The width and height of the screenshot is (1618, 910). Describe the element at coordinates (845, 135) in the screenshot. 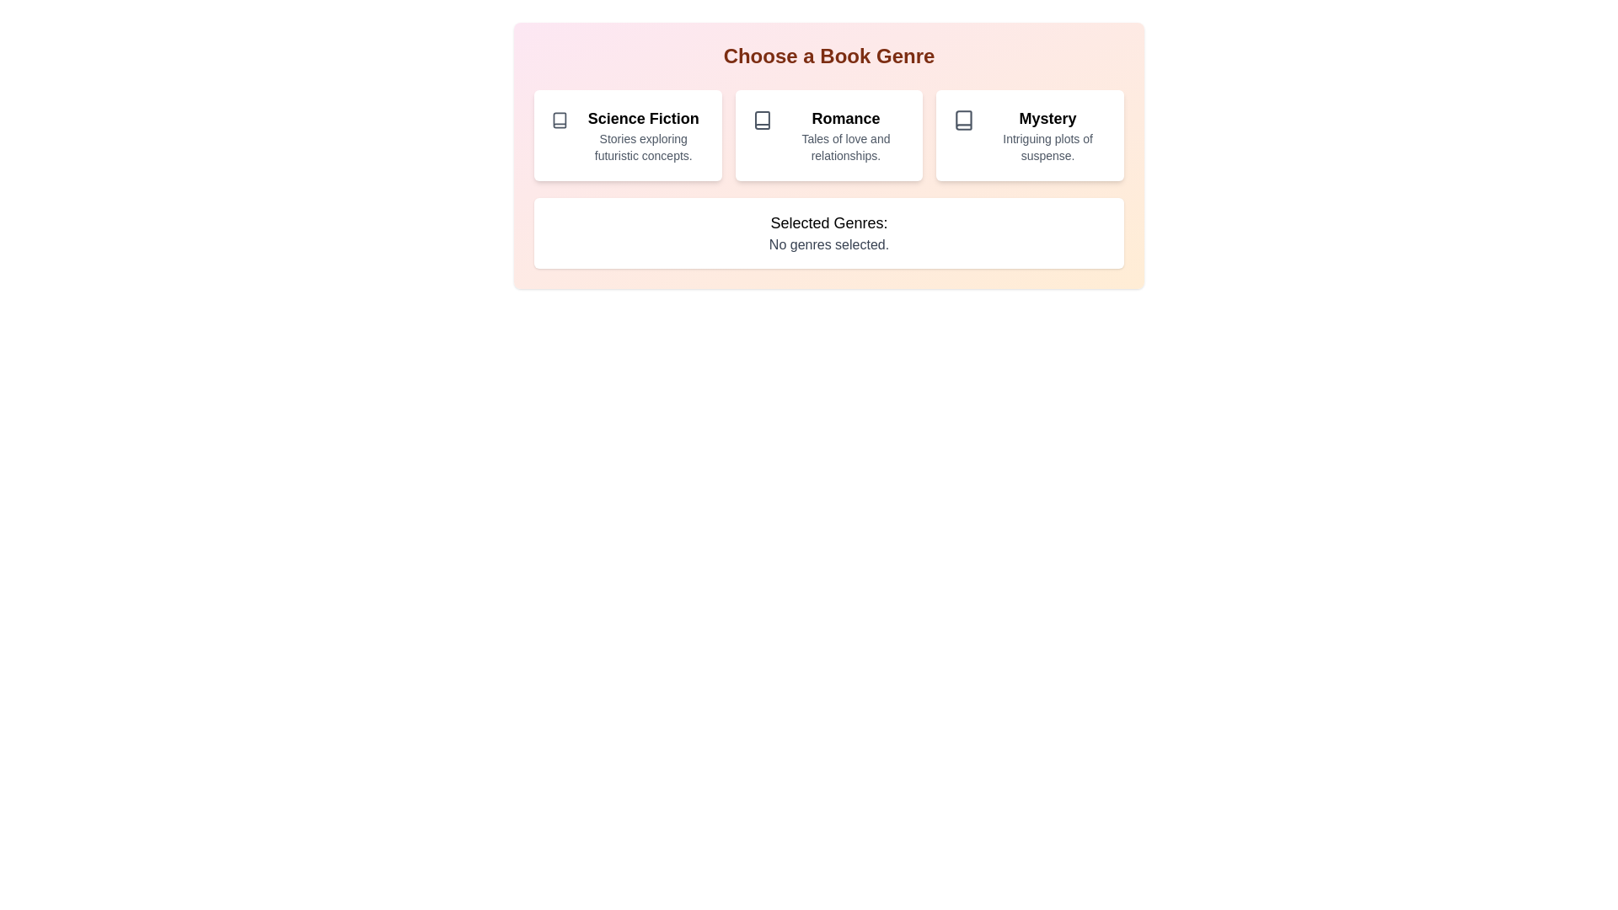

I see `to select the 'Romance' genre, which is a selectable item styled with a bold title and a description, positioned centrally under the heading 'Choose a Book Genre.'` at that location.